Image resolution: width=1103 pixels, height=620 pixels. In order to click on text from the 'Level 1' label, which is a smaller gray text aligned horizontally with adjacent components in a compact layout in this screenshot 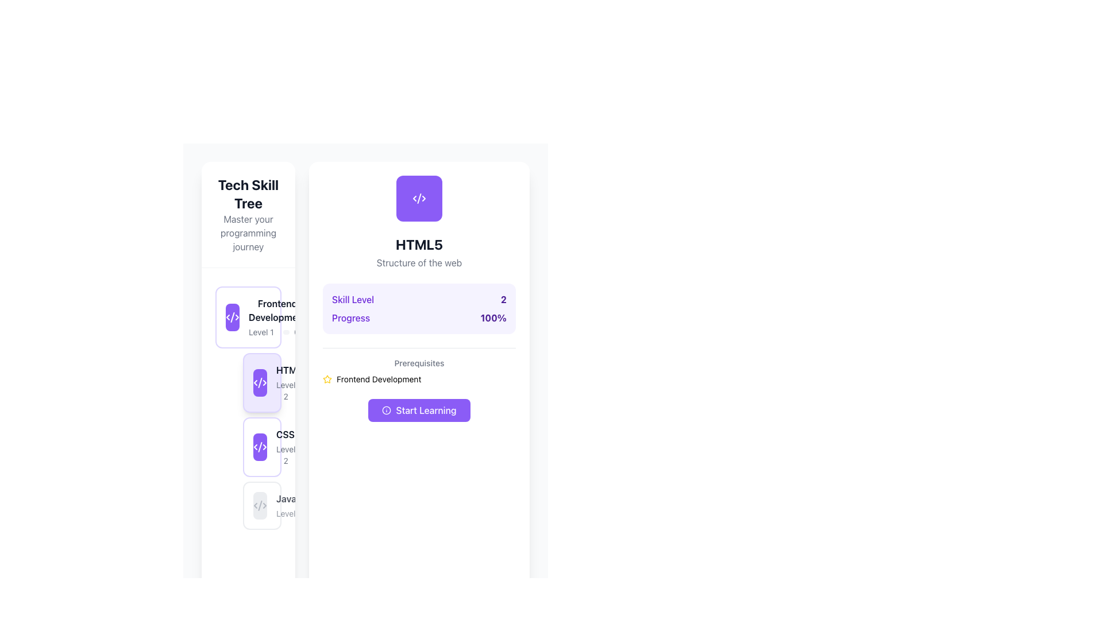, I will do `click(260, 332)`.